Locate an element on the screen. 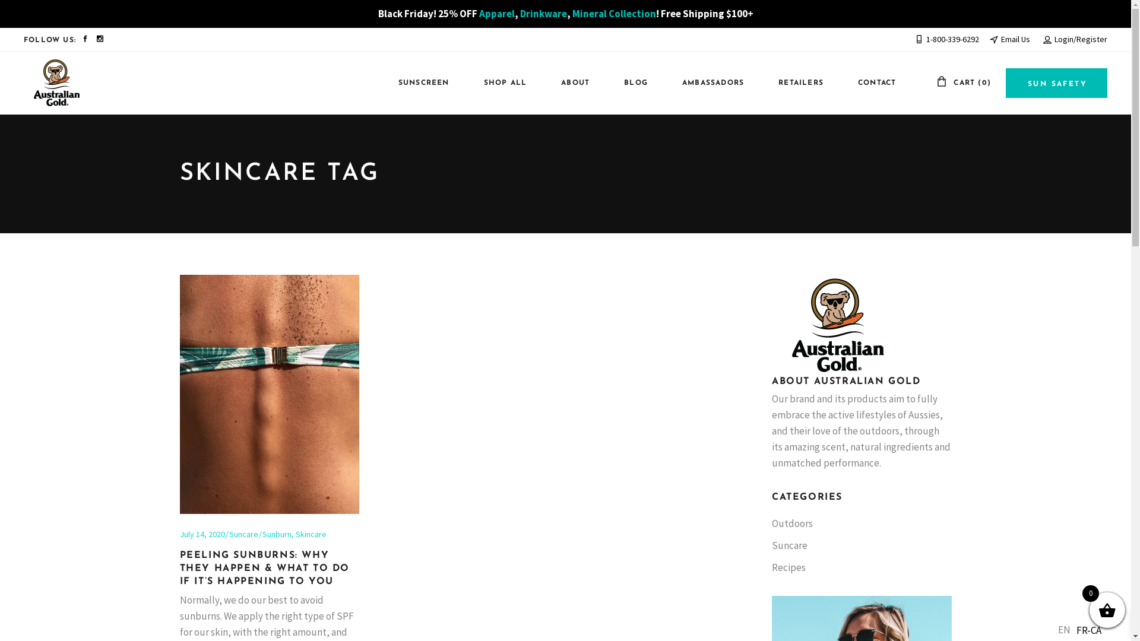  'SUN SAFETY' is located at coordinates (1056, 82).